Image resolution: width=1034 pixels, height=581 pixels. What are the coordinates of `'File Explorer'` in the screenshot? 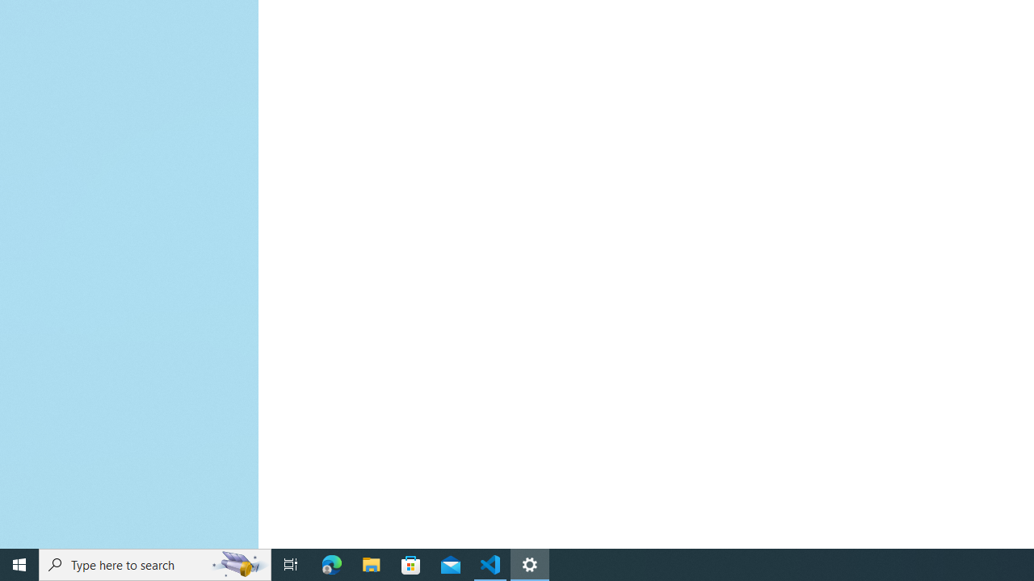 It's located at (371, 563).